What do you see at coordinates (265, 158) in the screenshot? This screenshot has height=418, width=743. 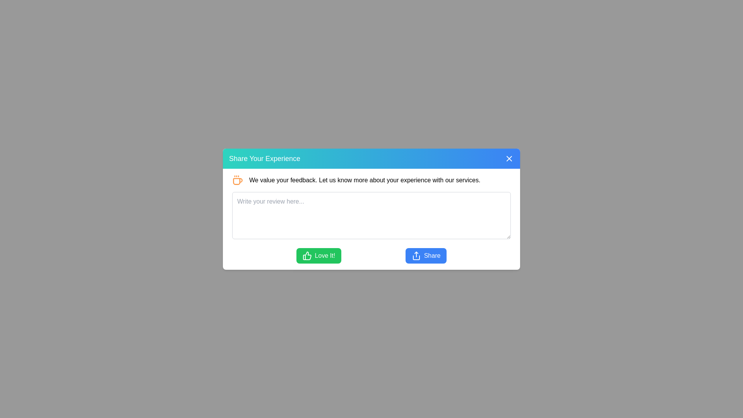 I see `the text label that serves as the title for the dialog, indicating the purpose of sharing the user's experience` at bounding box center [265, 158].